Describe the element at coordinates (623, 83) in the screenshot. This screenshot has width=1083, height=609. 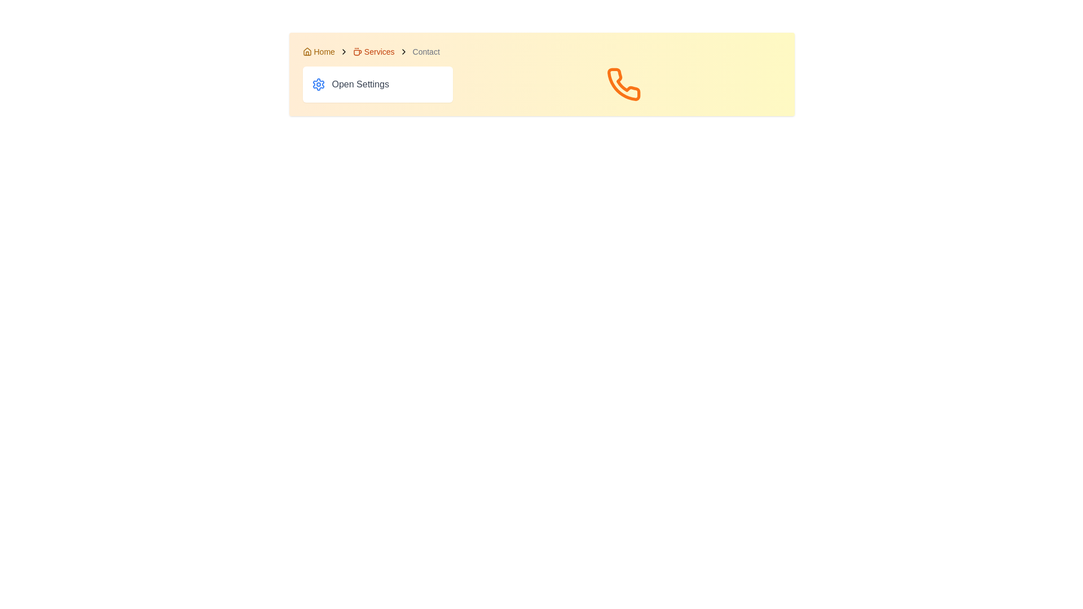
I see `the phone or communication icon located on the header section towards the right side` at that location.